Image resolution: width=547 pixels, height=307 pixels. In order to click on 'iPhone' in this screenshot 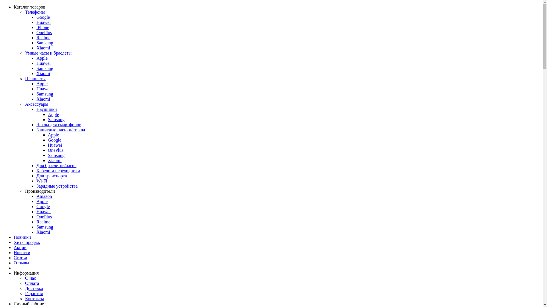, I will do `click(42, 27)`.